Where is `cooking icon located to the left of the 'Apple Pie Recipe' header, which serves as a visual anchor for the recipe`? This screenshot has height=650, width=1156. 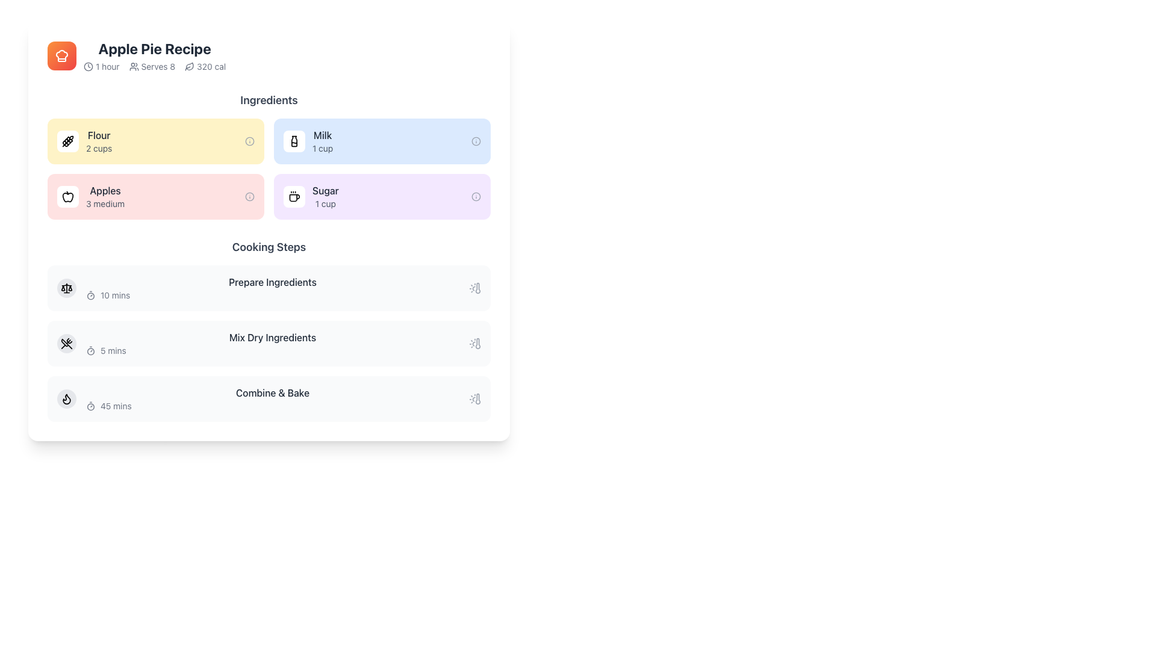 cooking icon located to the left of the 'Apple Pie Recipe' header, which serves as a visual anchor for the recipe is located at coordinates (61, 55).